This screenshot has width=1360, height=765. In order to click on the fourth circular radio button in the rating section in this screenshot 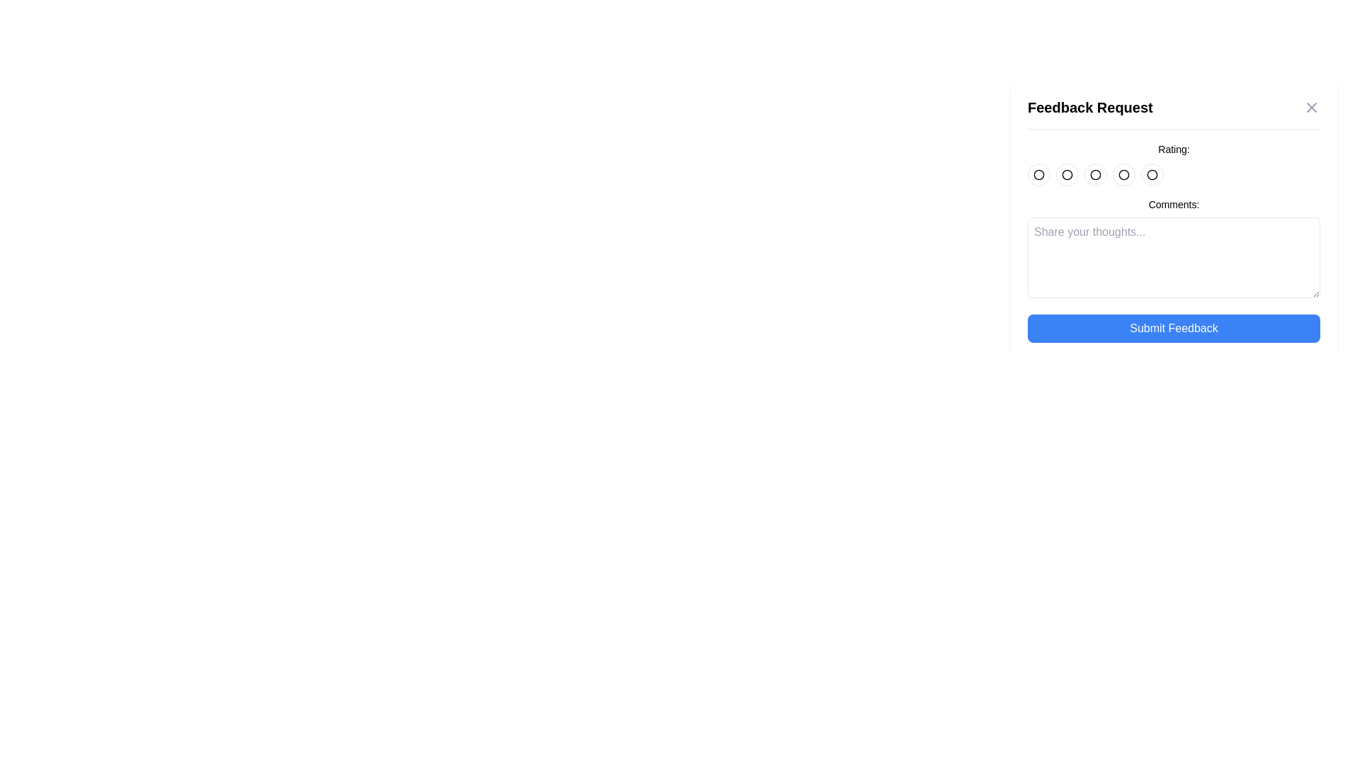, I will do `click(1123, 174)`.